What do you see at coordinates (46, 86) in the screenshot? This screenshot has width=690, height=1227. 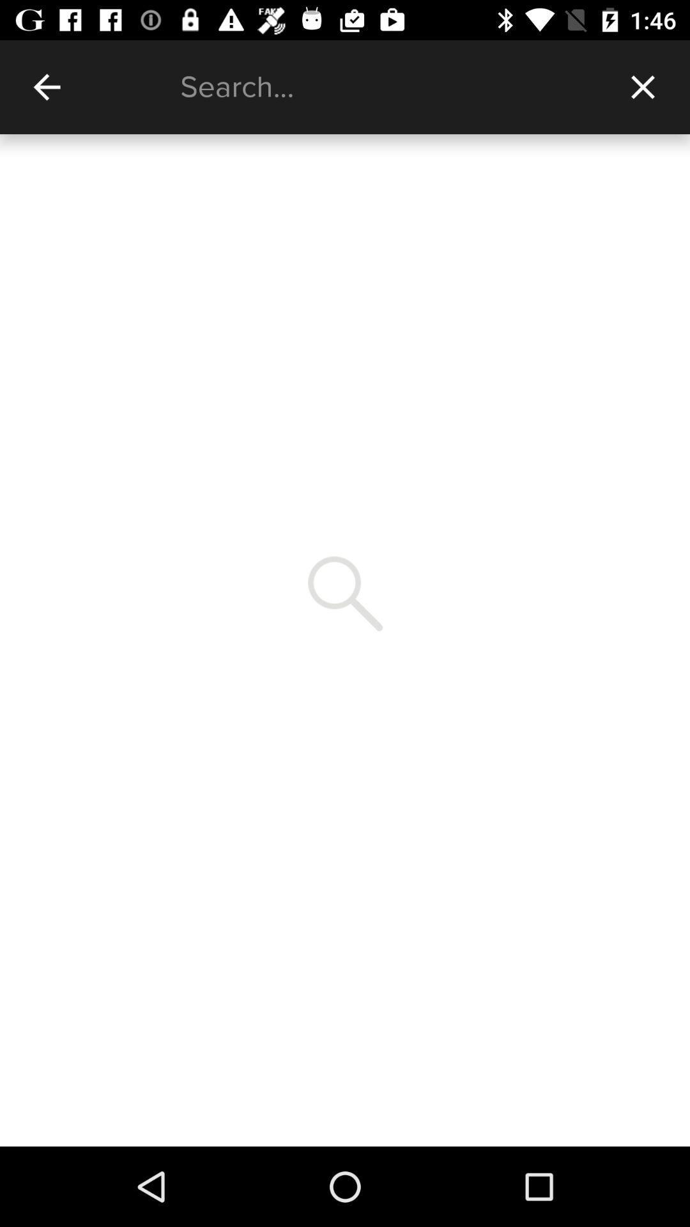 I see `item at the top left corner` at bounding box center [46, 86].